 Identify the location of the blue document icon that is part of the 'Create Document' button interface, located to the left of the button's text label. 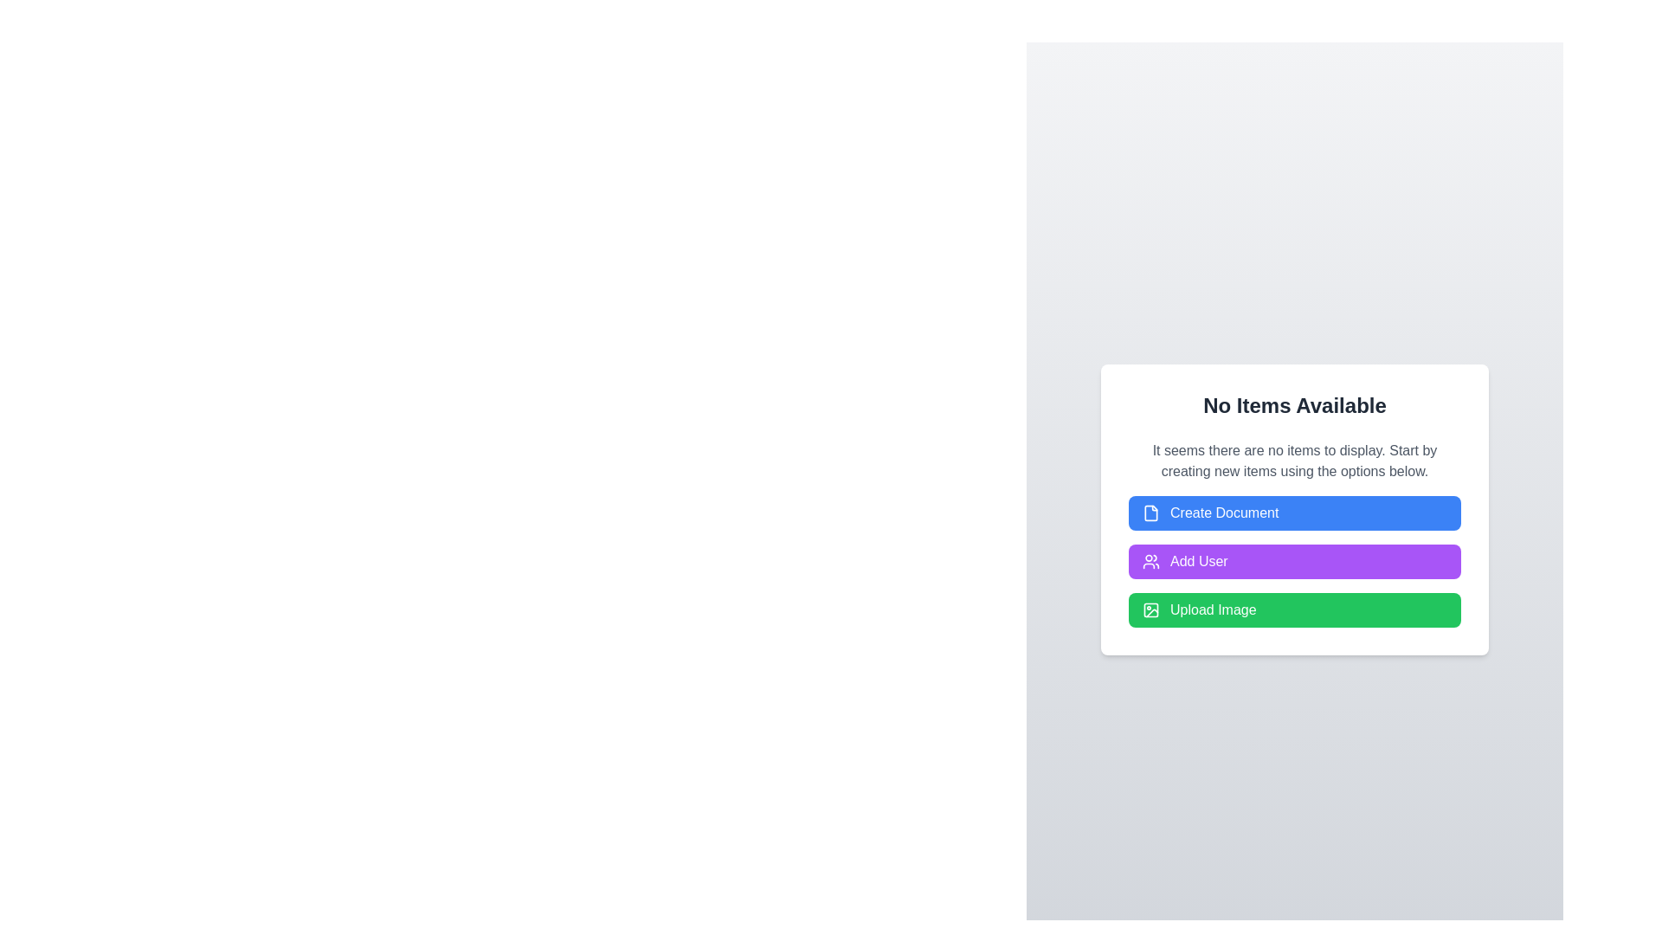
(1150, 513).